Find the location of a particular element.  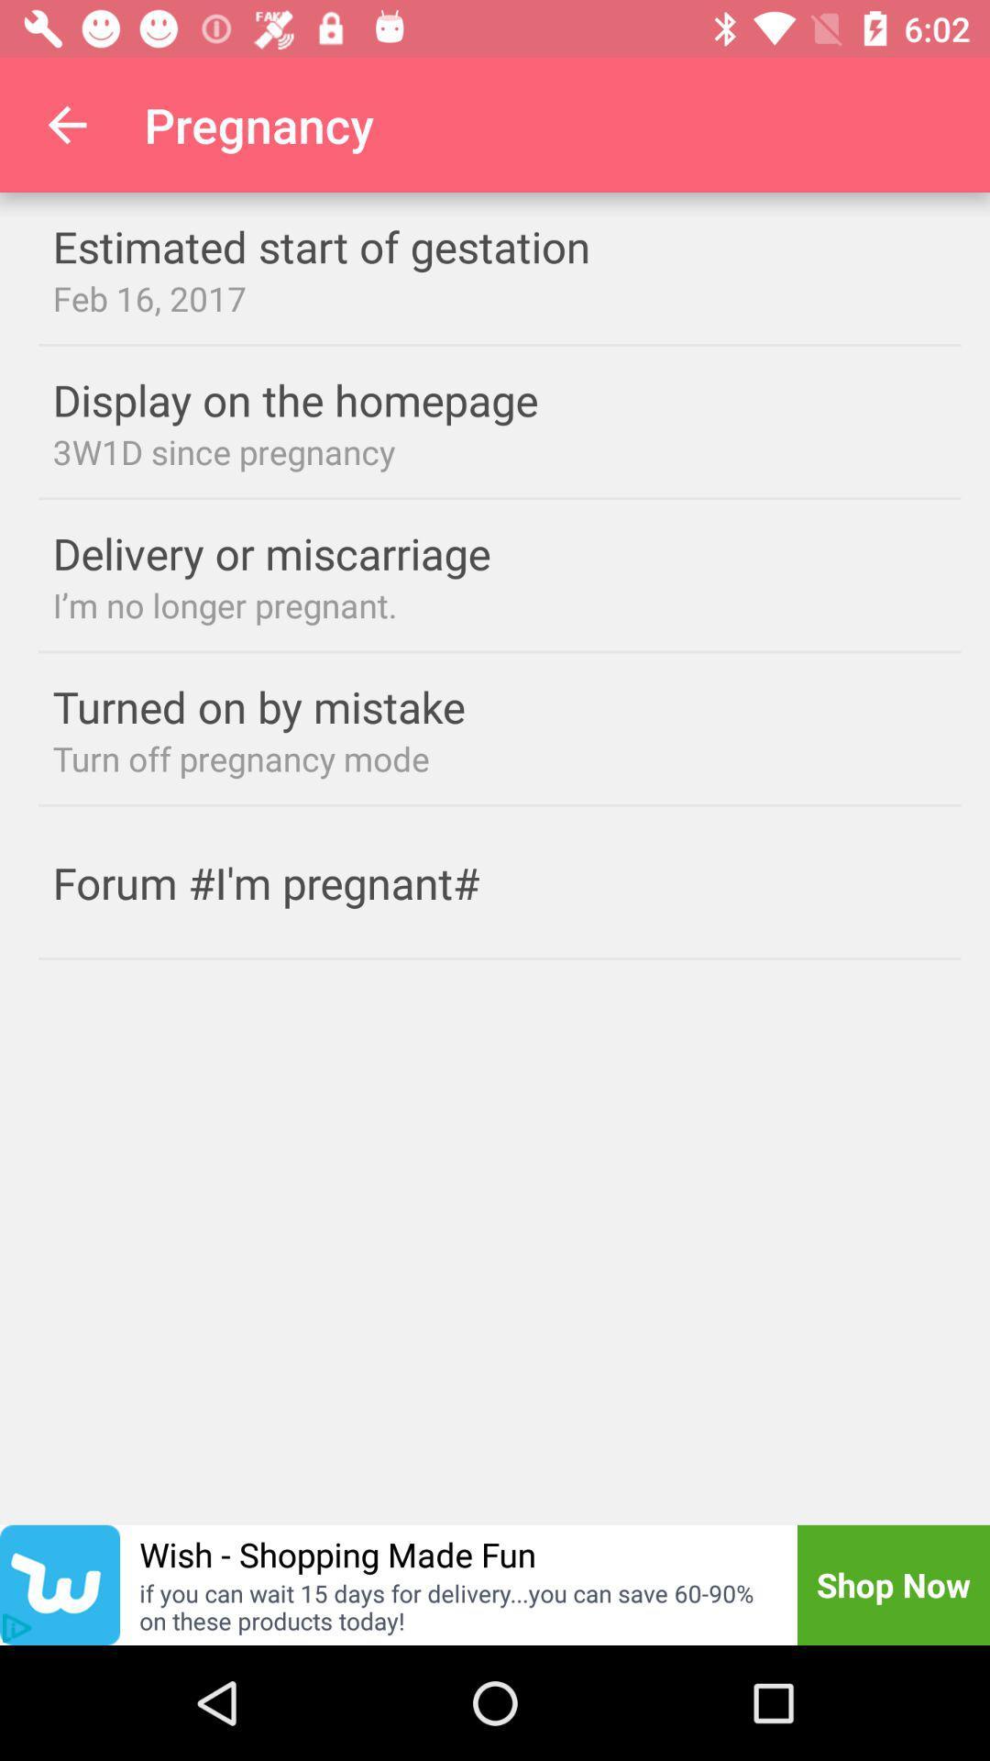

wish shopping made icon is located at coordinates (337, 1553).